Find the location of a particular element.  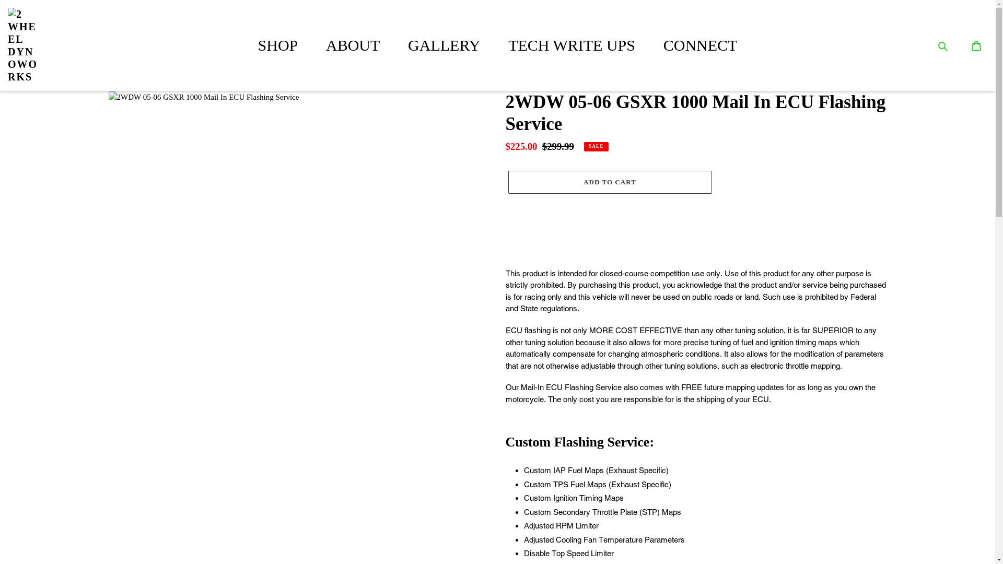

'SHOP' is located at coordinates (278, 44).